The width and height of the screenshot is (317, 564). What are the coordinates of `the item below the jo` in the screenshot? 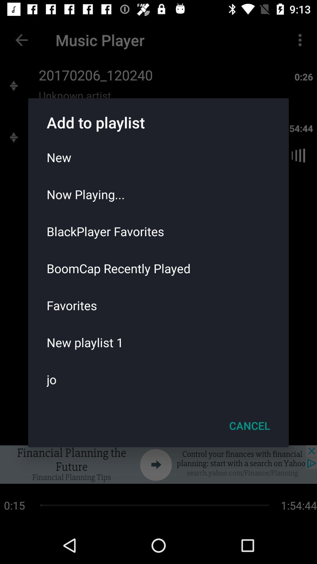 It's located at (249, 426).